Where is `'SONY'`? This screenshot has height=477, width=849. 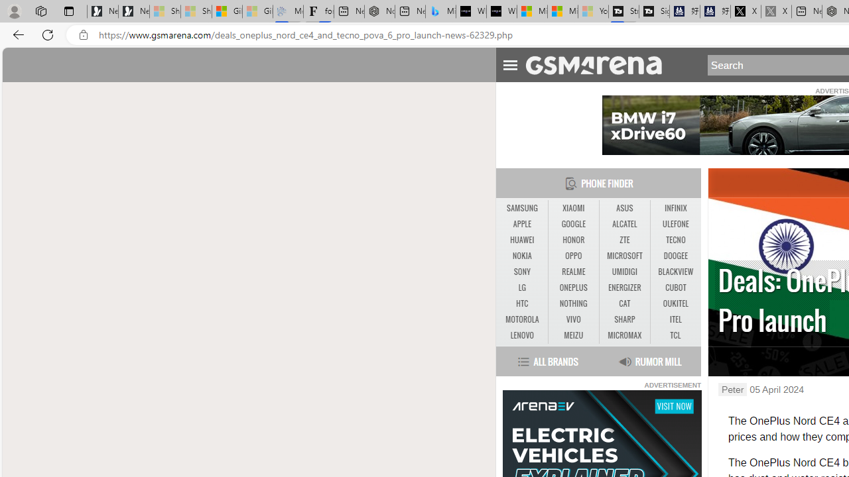 'SONY' is located at coordinates (521, 272).